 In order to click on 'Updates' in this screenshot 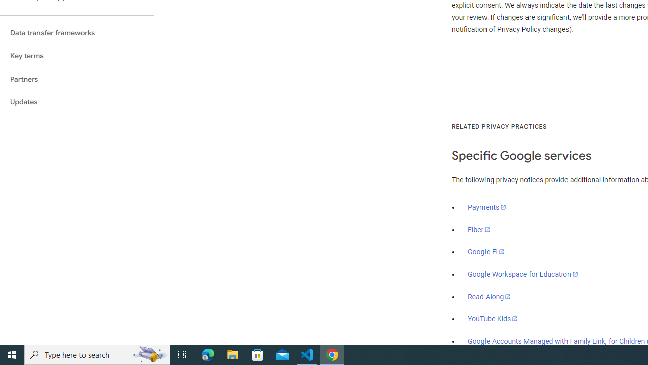, I will do `click(76, 102)`.